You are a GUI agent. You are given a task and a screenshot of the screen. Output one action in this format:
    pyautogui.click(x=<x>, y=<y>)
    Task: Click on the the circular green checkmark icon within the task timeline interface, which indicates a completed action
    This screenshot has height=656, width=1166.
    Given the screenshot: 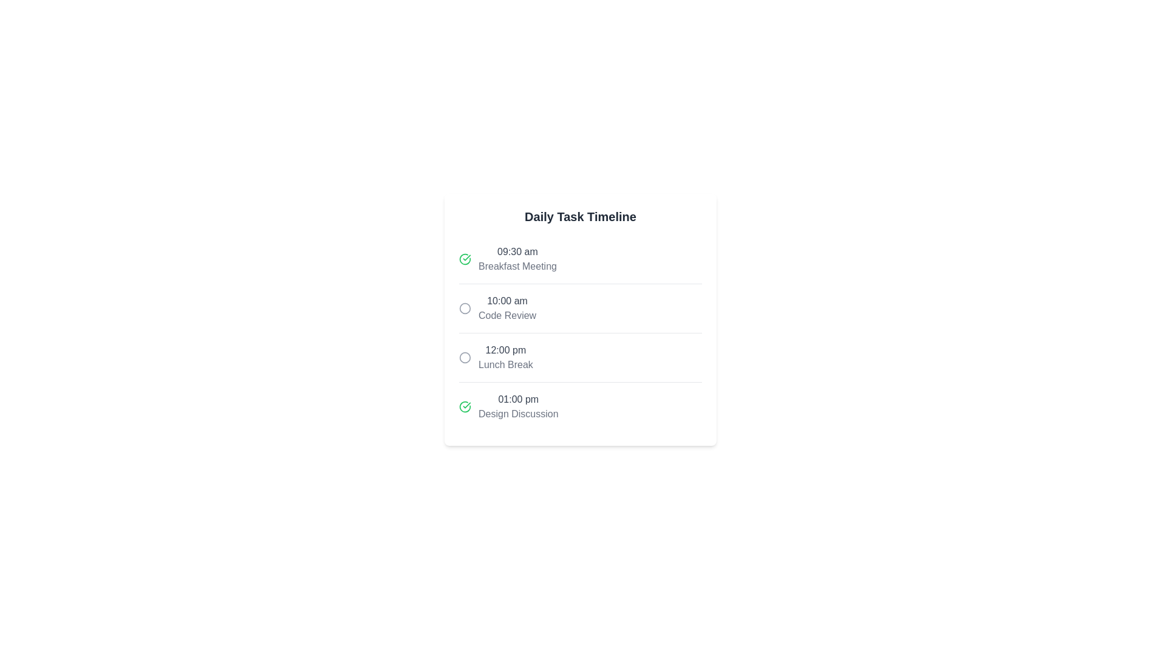 What is the action you would take?
    pyautogui.click(x=465, y=259)
    